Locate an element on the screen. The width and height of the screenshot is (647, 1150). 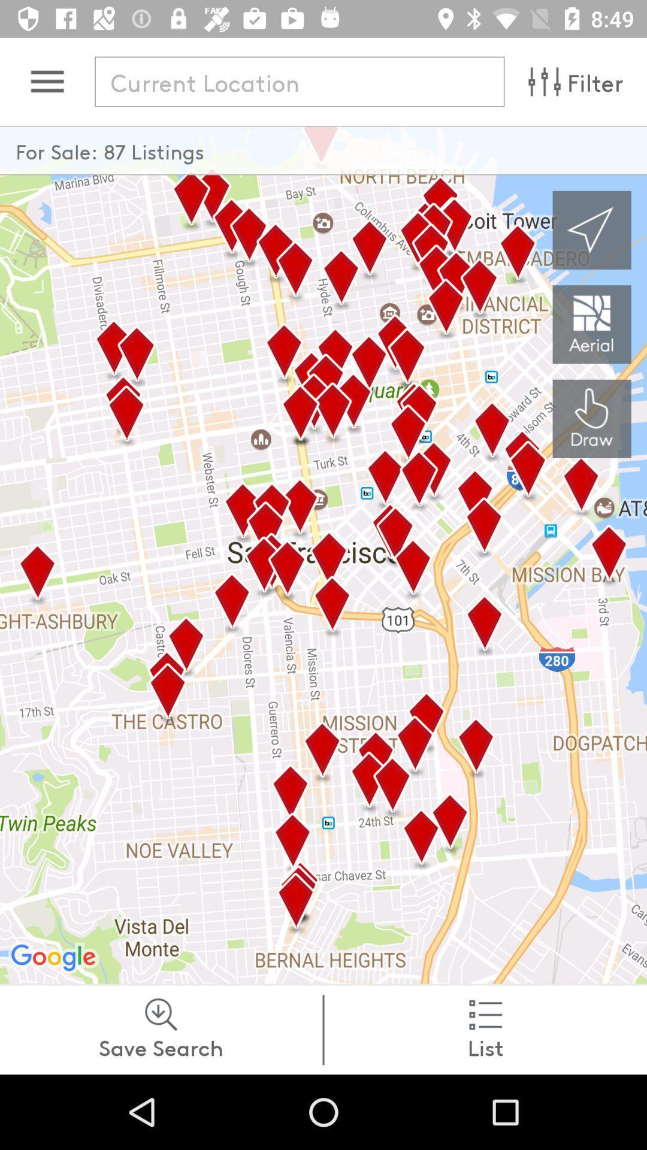
the icon at the top left corner is located at coordinates (47, 81).